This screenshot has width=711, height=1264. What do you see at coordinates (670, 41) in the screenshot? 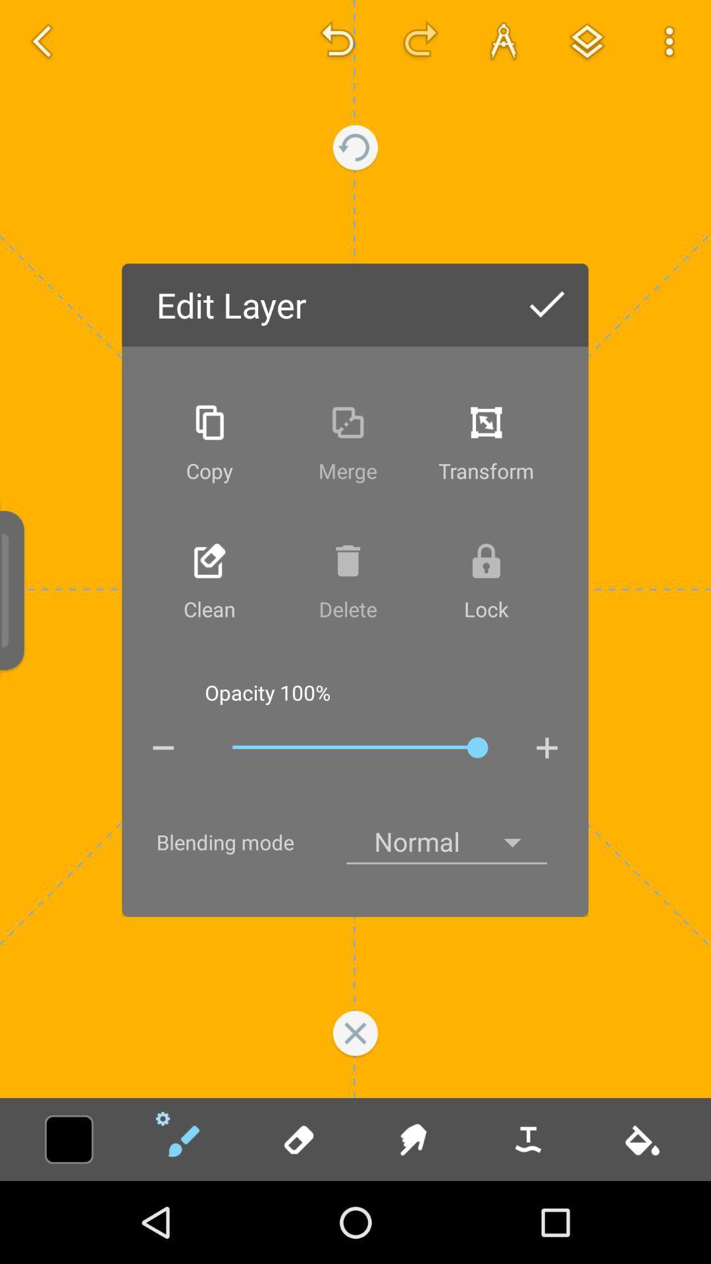
I see `the more icon` at bounding box center [670, 41].